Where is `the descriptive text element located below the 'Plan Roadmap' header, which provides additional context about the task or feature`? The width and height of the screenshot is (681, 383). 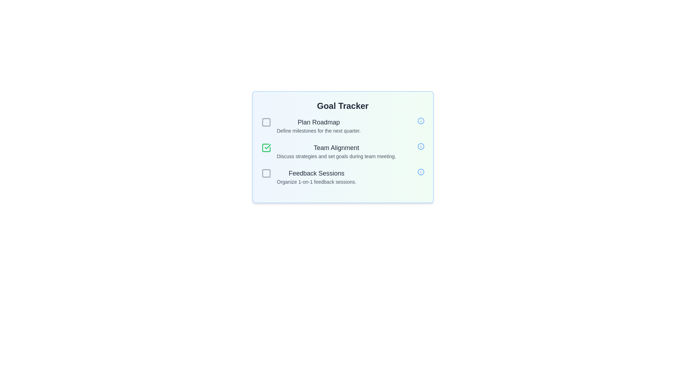
the descriptive text element located below the 'Plan Roadmap' header, which provides additional context about the task or feature is located at coordinates (318, 131).